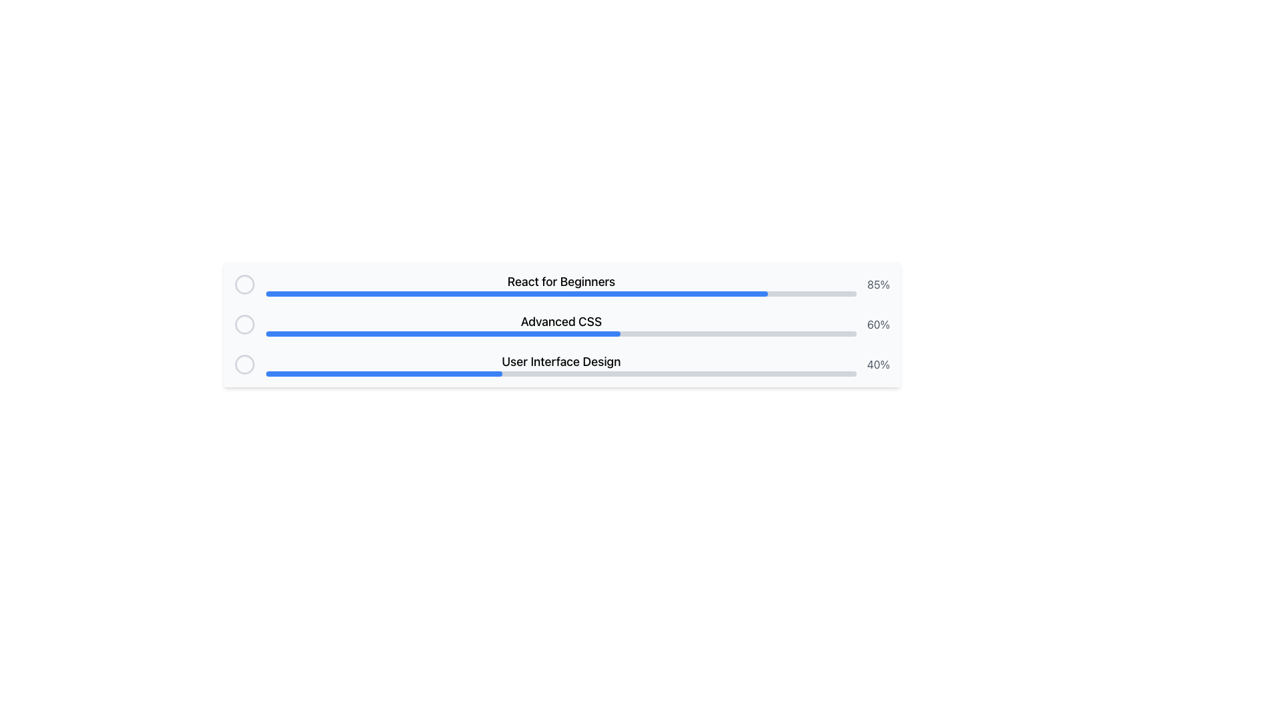 The width and height of the screenshot is (1281, 720). I want to click on the progress value of the blue progress bar indicating 60% completion for the 'Advanced CSS' course, which is the second bar in a sequence of three horizontally-aligned bars, so click(443, 333).